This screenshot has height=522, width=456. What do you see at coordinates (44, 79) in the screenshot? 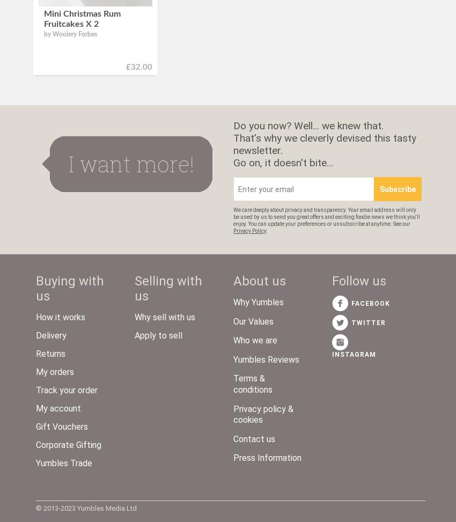
I see `'See related products +'` at bounding box center [44, 79].